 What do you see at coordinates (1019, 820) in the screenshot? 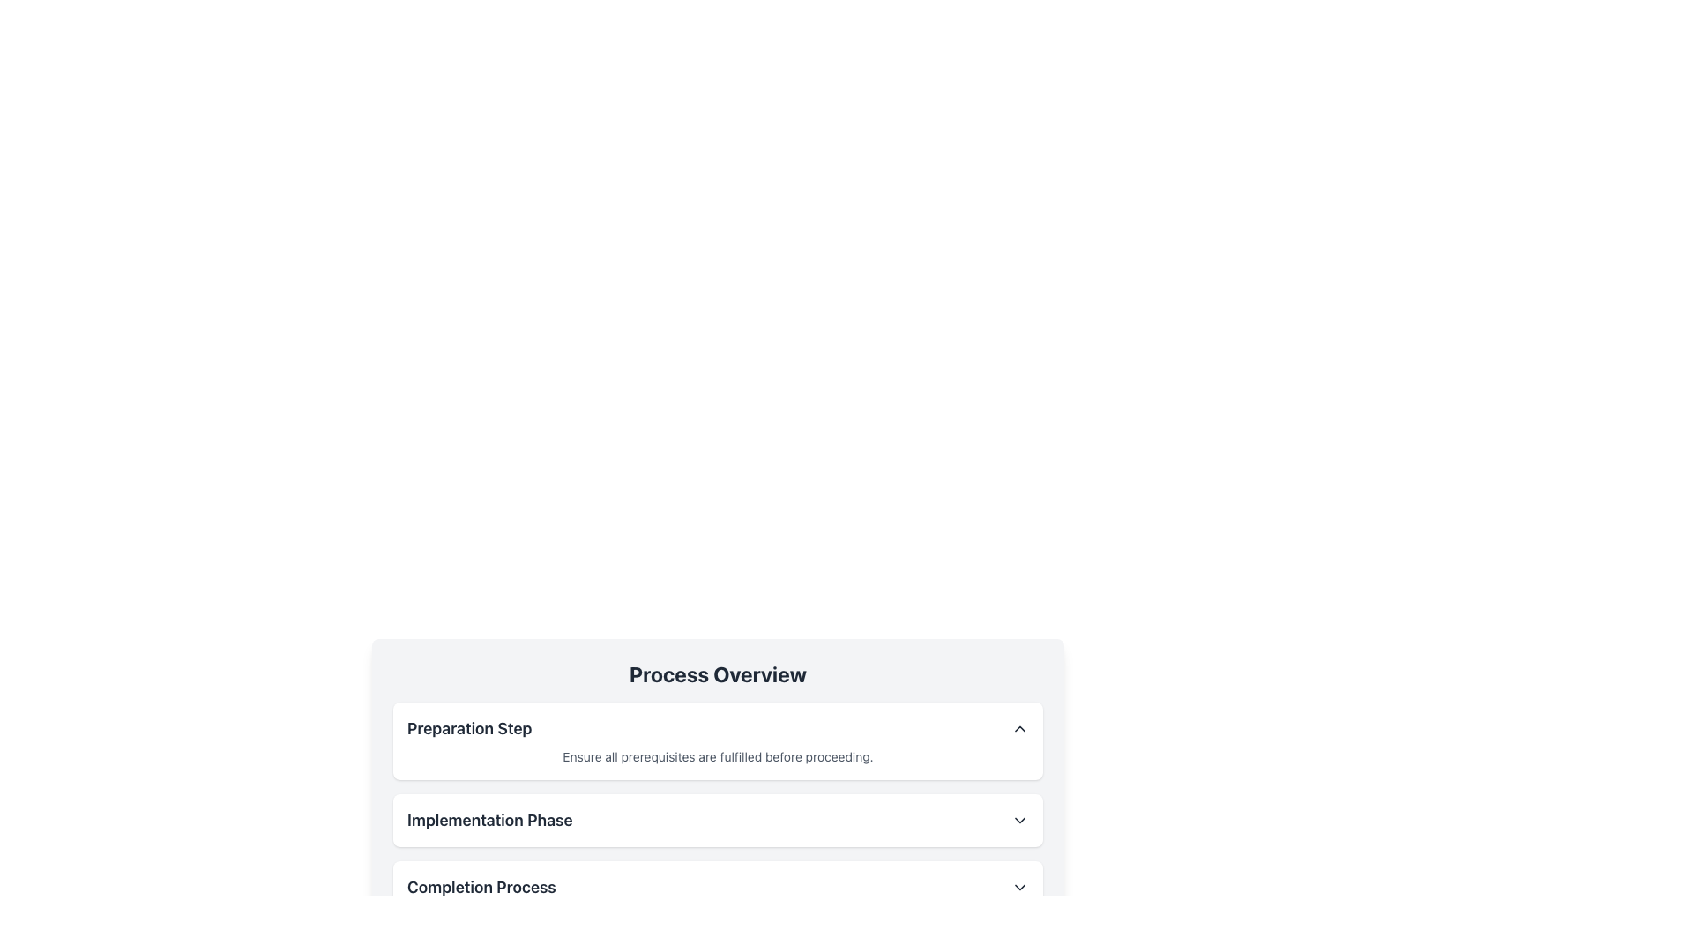
I see `the chevron-down icon located to the right of the 'Implementation Phase' text to trigger hover effects` at bounding box center [1019, 820].